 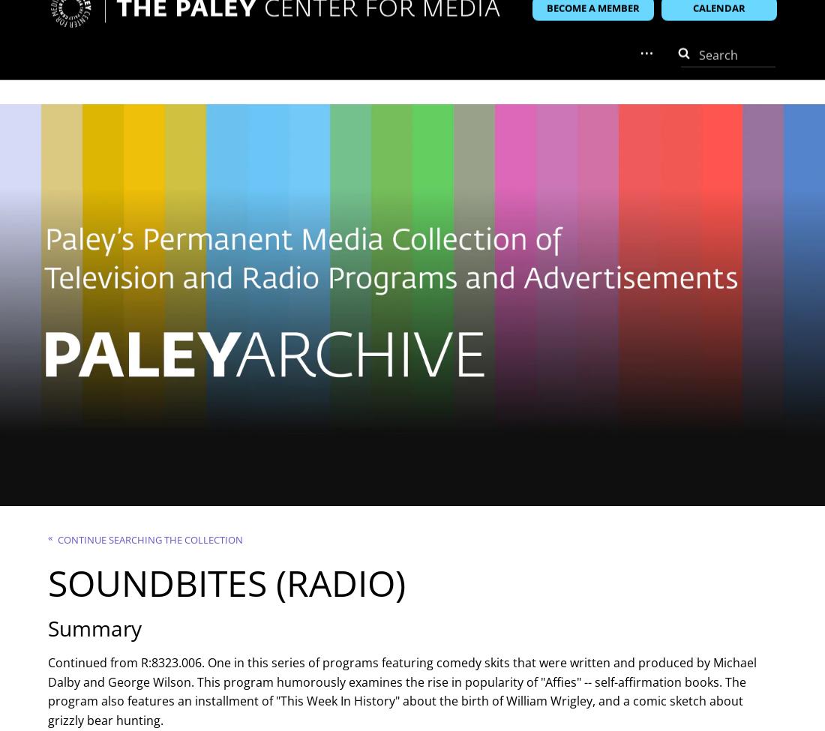 What do you see at coordinates (200, 76) in the screenshot?
I see `'Membership'` at bounding box center [200, 76].